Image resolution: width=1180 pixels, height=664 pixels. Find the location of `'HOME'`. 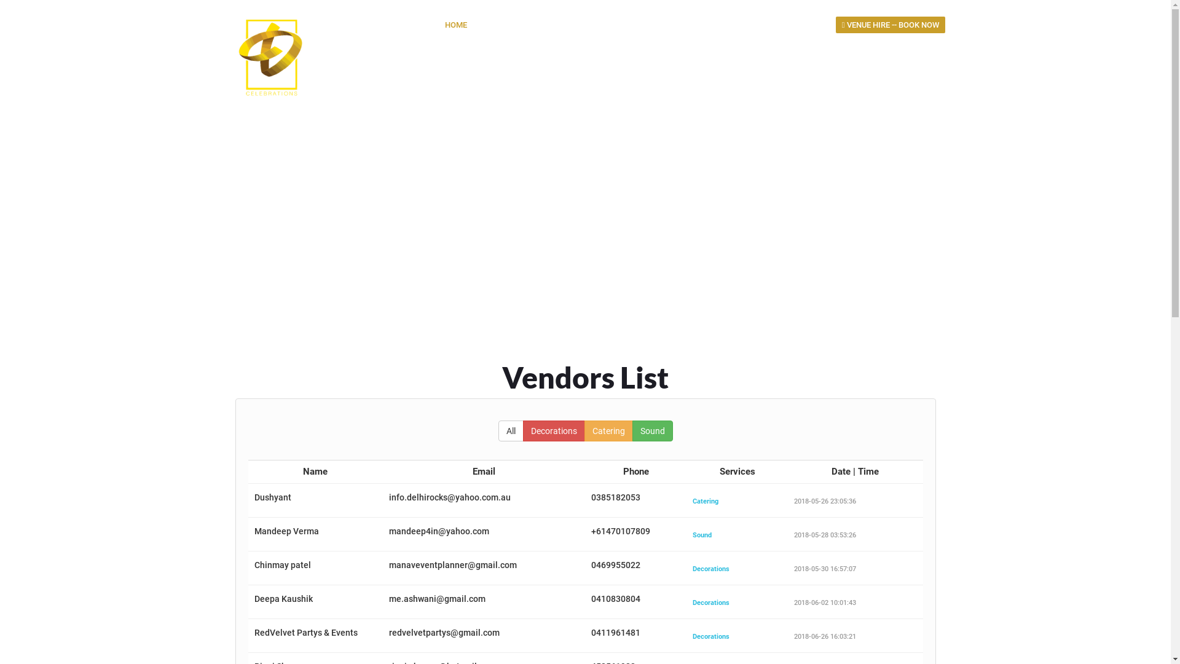

'HOME' is located at coordinates (455, 25).